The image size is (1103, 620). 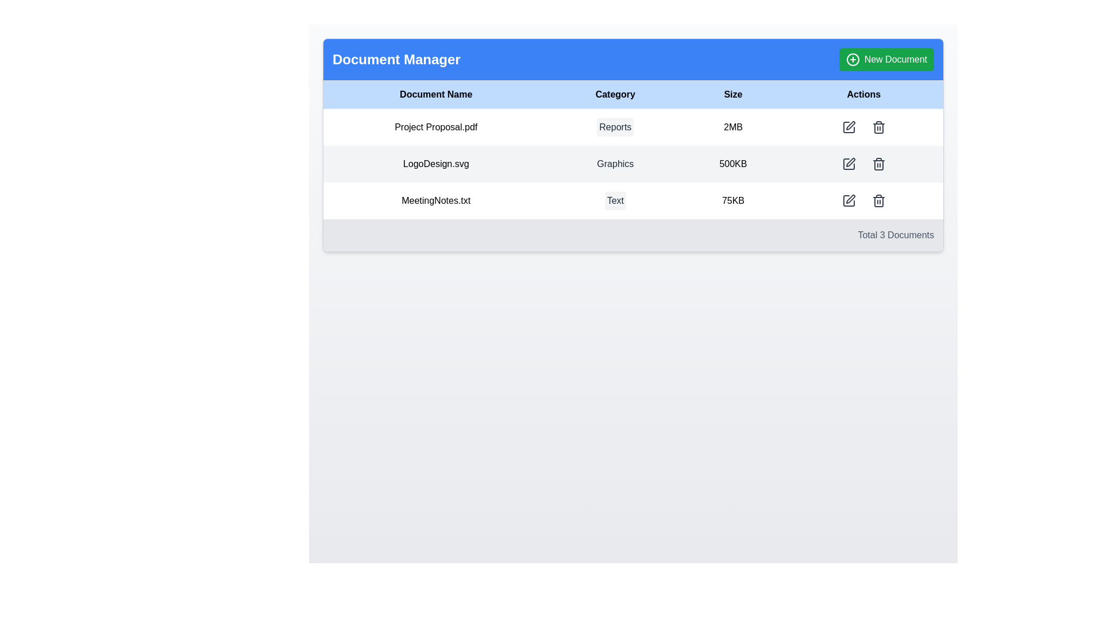 What do you see at coordinates (853, 60) in the screenshot?
I see `the circular icon with a green outline and a white plus sign (+) located to the left of the 'New Document' text in the green button at the top-right corner of the interface` at bounding box center [853, 60].